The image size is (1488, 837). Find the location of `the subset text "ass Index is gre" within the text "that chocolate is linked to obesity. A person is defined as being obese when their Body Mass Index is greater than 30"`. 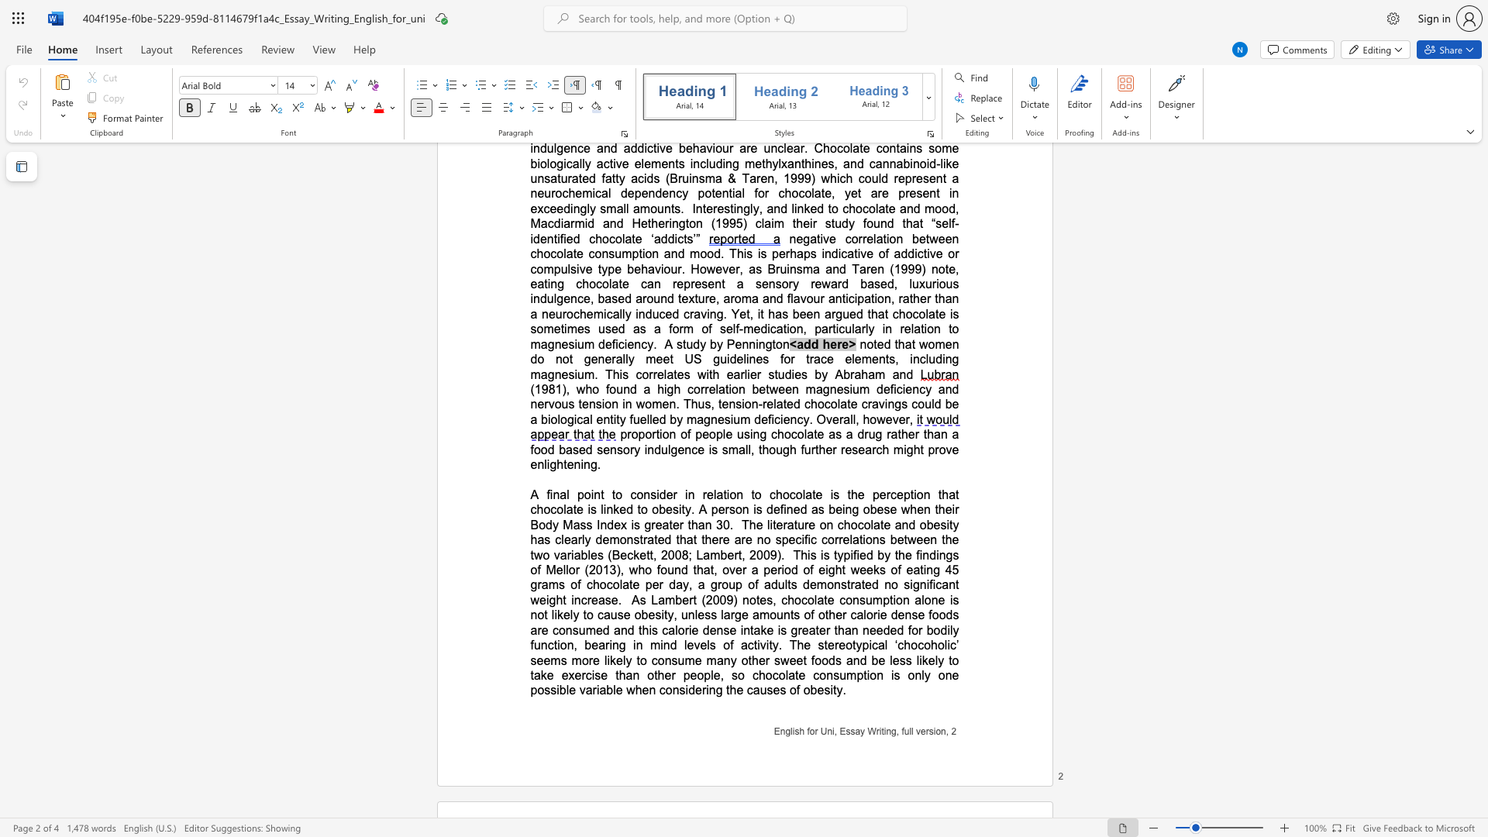

the subset text "ass Index is gre" within the text "that chocolate is linked to obesity. A person is defined as being obese when their Body Mass Index is greater than 30" is located at coordinates (572, 524).